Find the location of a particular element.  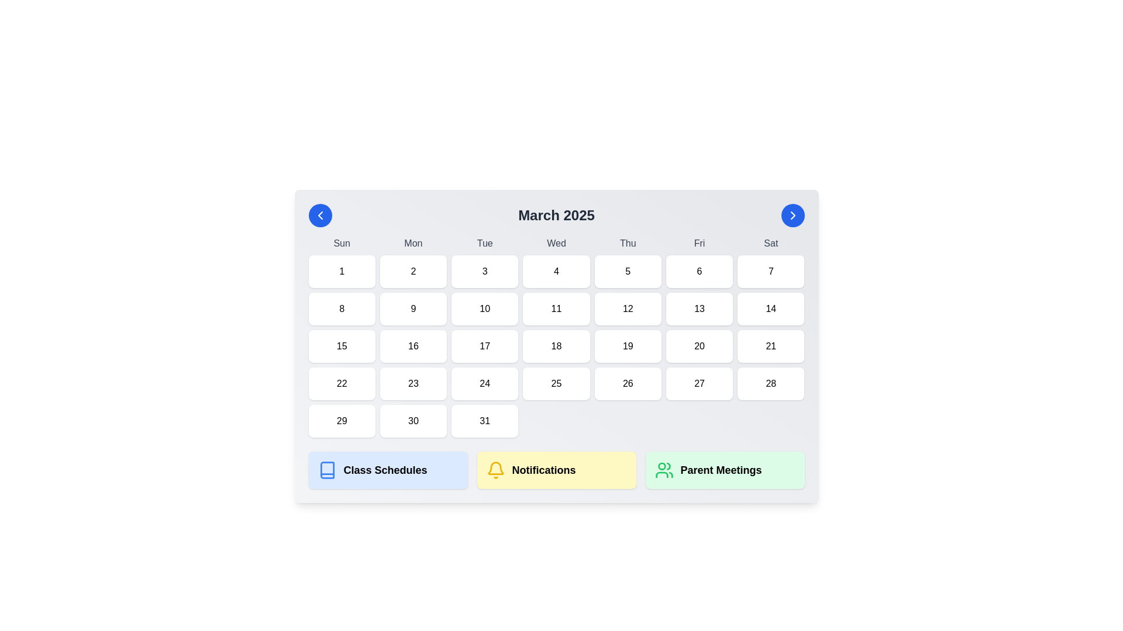

the Text label indicating the date '5' in the calendar interface, positioned under 'Thu' in the March 2025 grid is located at coordinates (627, 272).